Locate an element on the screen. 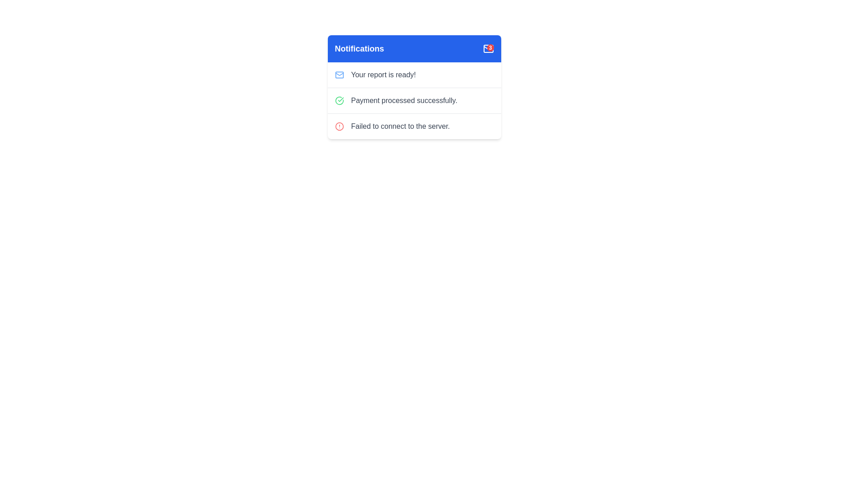 Image resolution: width=867 pixels, height=488 pixels. the notification message indicating successful payment processing, which is the second row in the notification card stacked between 'Your report is ready!' and 'Failed to connect to the server.' is located at coordinates (414, 100).